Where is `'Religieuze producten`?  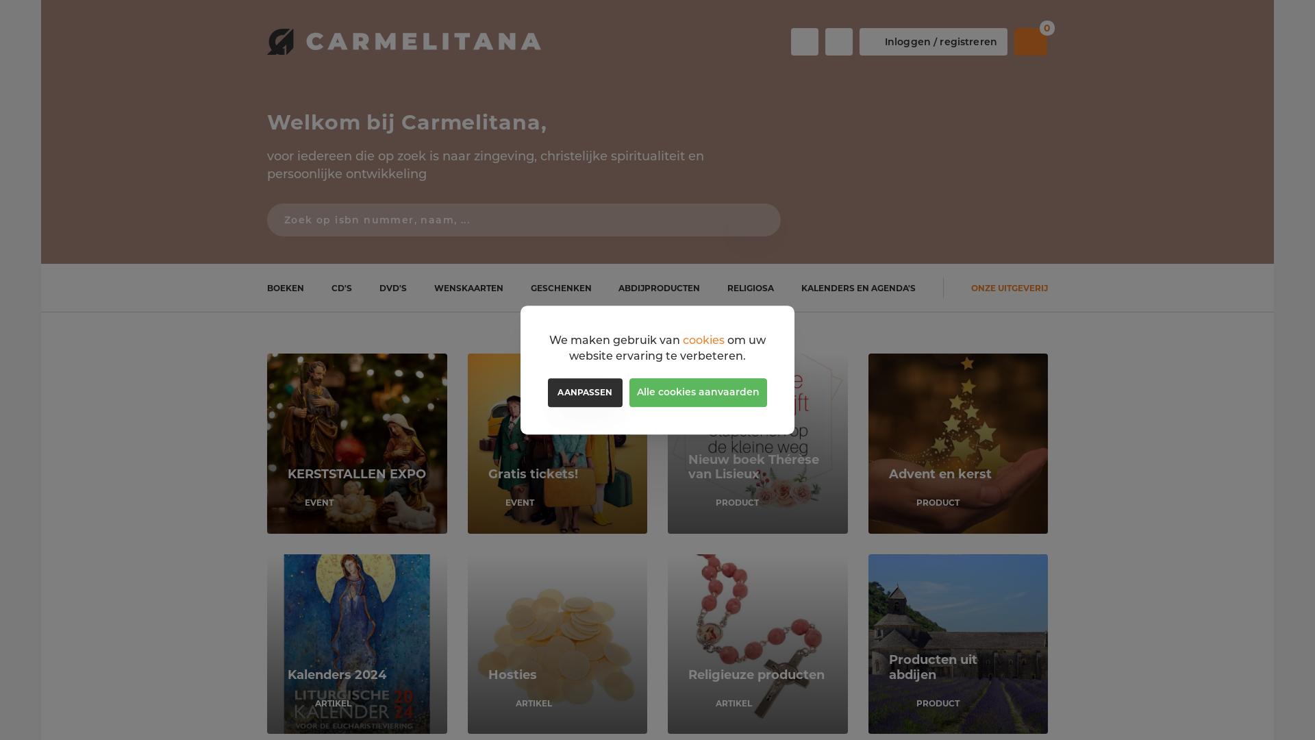 'Religieuze producten is located at coordinates (667, 644).